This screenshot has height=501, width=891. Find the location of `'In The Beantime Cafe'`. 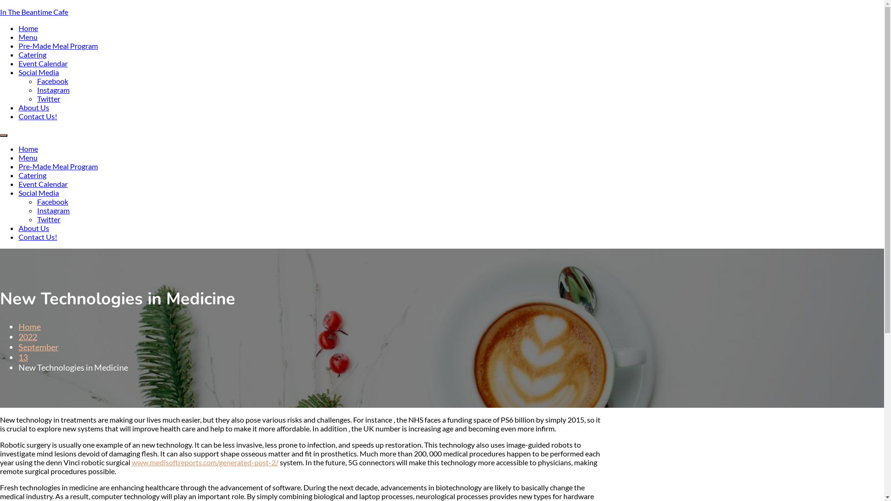

'In The Beantime Cafe' is located at coordinates (0, 12).